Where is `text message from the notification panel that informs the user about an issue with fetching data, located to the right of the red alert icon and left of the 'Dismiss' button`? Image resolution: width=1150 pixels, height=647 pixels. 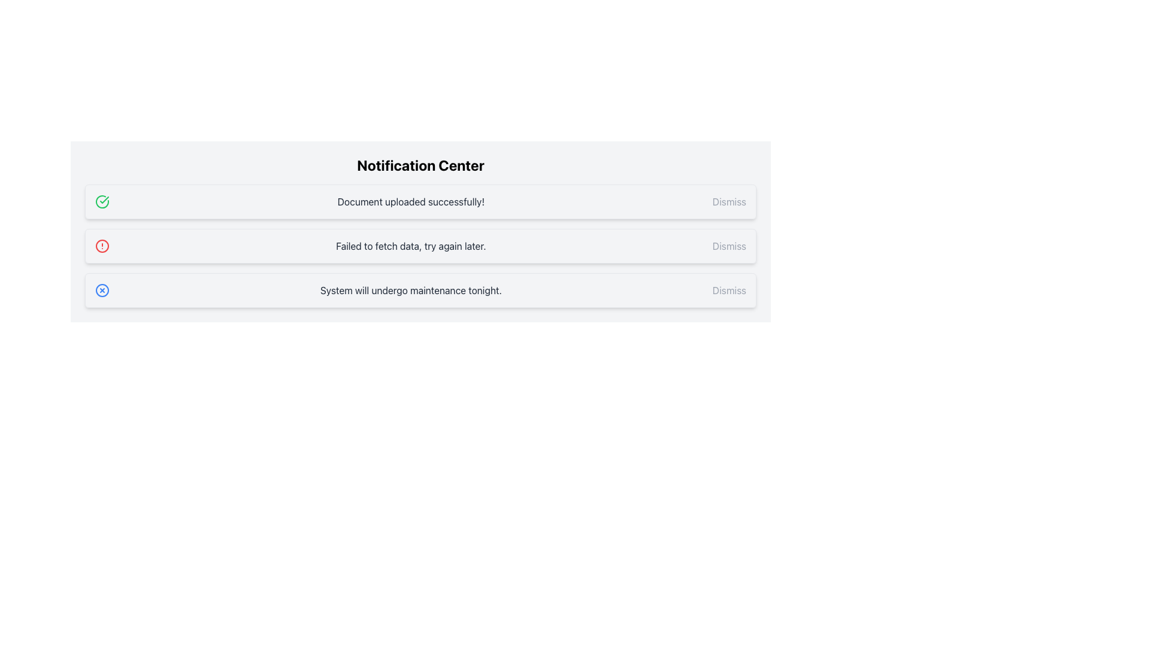 text message from the notification panel that informs the user about an issue with fetching data, located to the right of the red alert icon and left of the 'Dismiss' button is located at coordinates (411, 246).